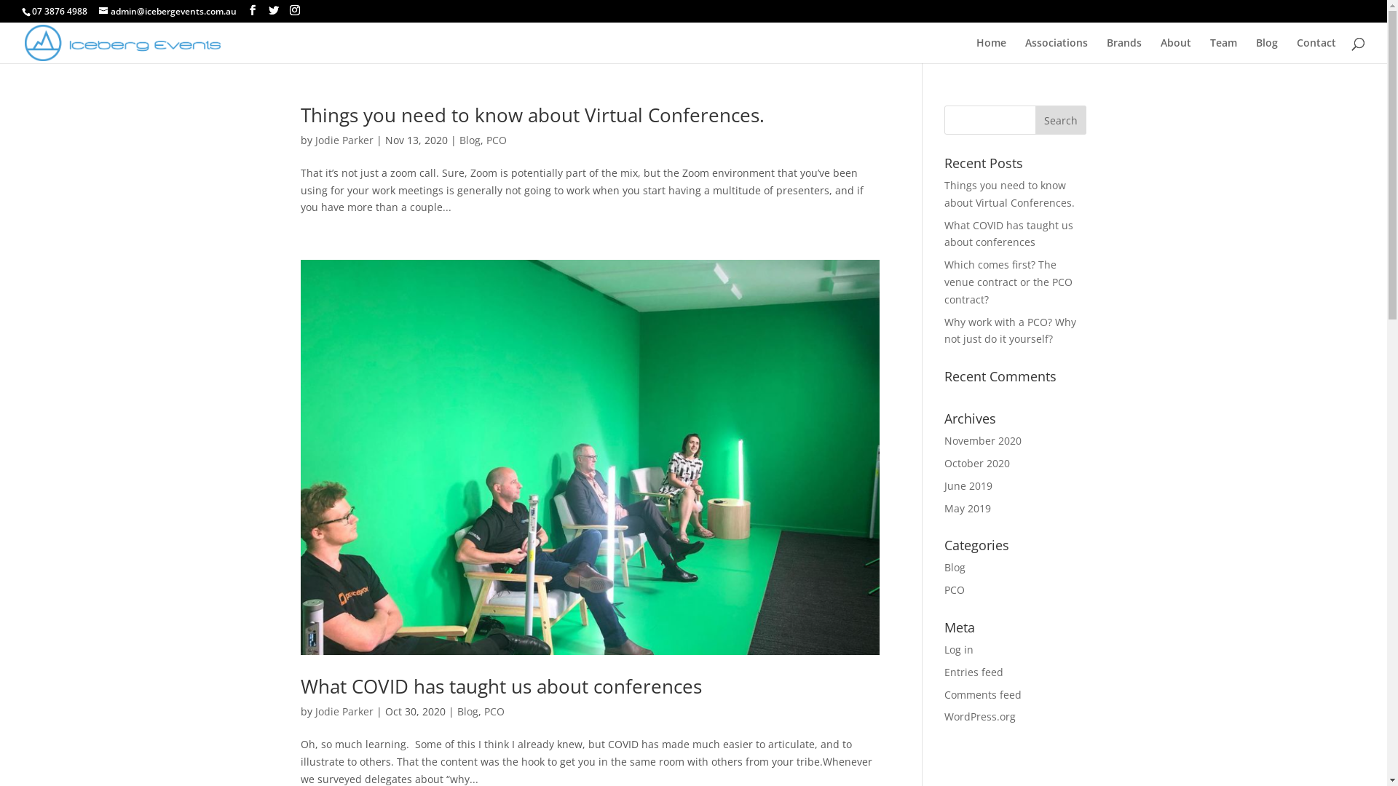 The image size is (1398, 786). Describe the element at coordinates (954, 589) in the screenshot. I see `'PCO'` at that location.